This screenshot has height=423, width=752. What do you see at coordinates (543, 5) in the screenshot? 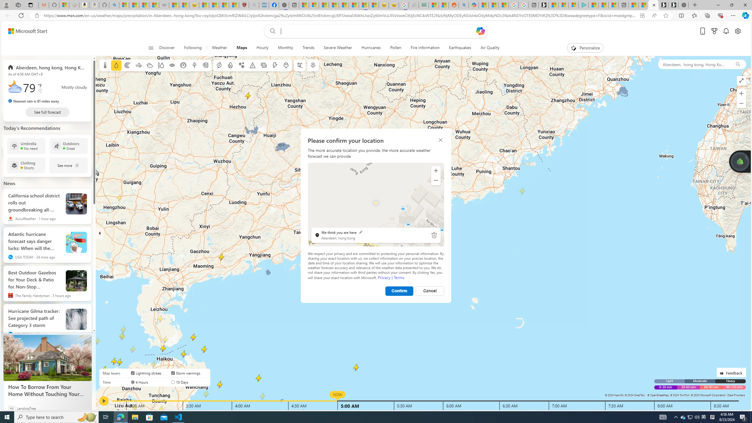
I see `'Microsoft Start Gaming'` at bounding box center [543, 5].